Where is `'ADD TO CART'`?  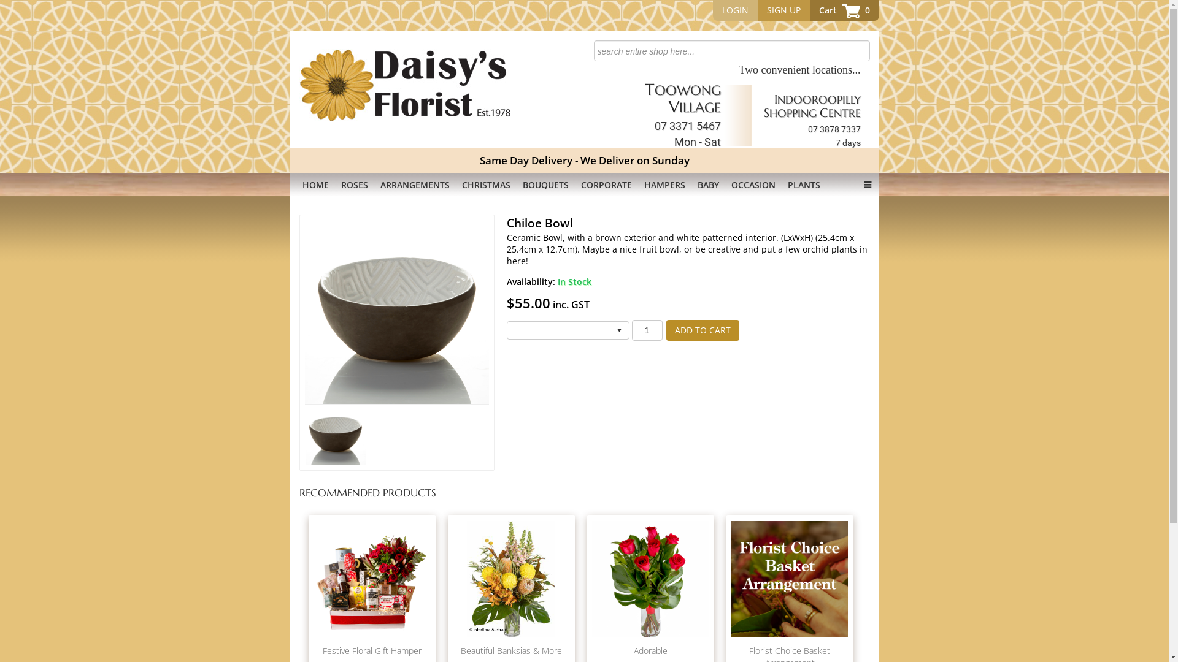 'ADD TO CART' is located at coordinates (665, 330).